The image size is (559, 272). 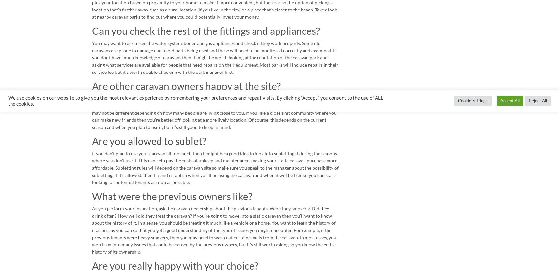 I want to click on 'Are other caravan owners happy at the site?', so click(x=92, y=86).